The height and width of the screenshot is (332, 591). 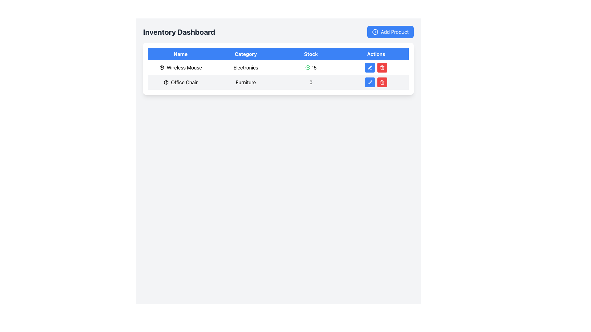 I want to click on the edit icon located within a blue button in the 'Actions' column of the first data row in the table, so click(x=370, y=67).